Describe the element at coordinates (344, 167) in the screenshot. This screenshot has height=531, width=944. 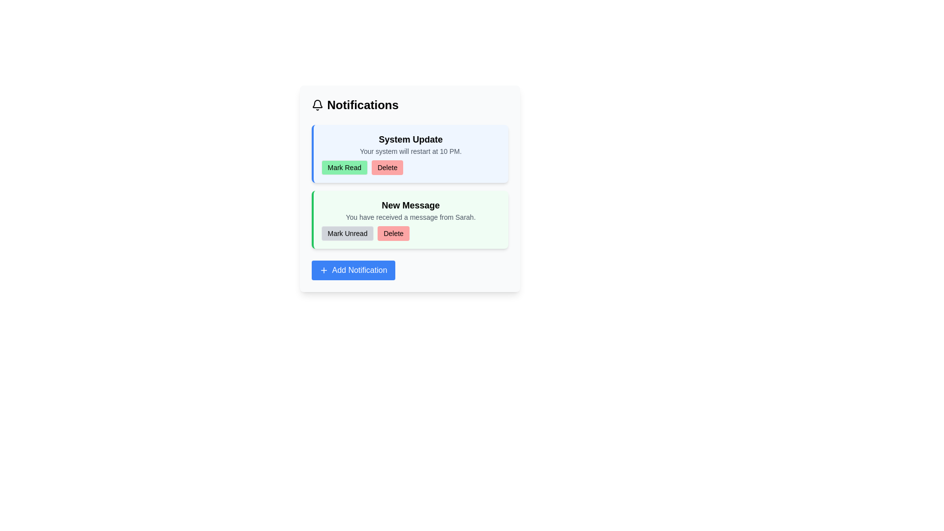
I see `the leftmost button in the 'System Update' notification card` at that location.